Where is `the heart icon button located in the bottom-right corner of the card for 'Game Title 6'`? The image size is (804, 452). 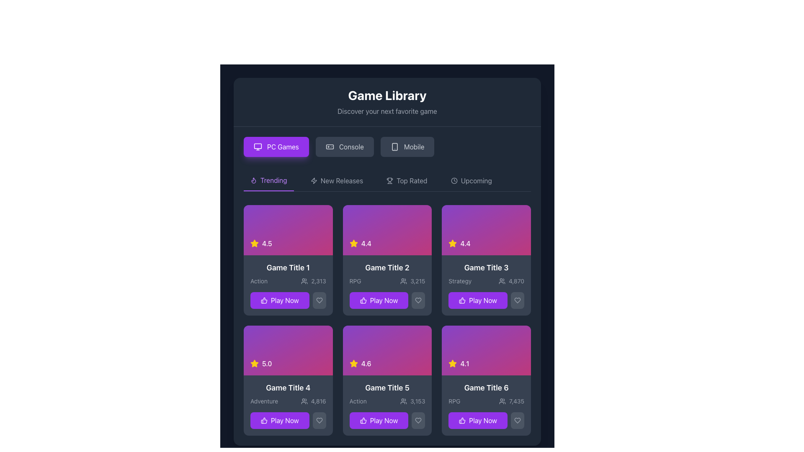
the heart icon button located in the bottom-right corner of the card for 'Game Title 6' is located at coordinates (517, 421).